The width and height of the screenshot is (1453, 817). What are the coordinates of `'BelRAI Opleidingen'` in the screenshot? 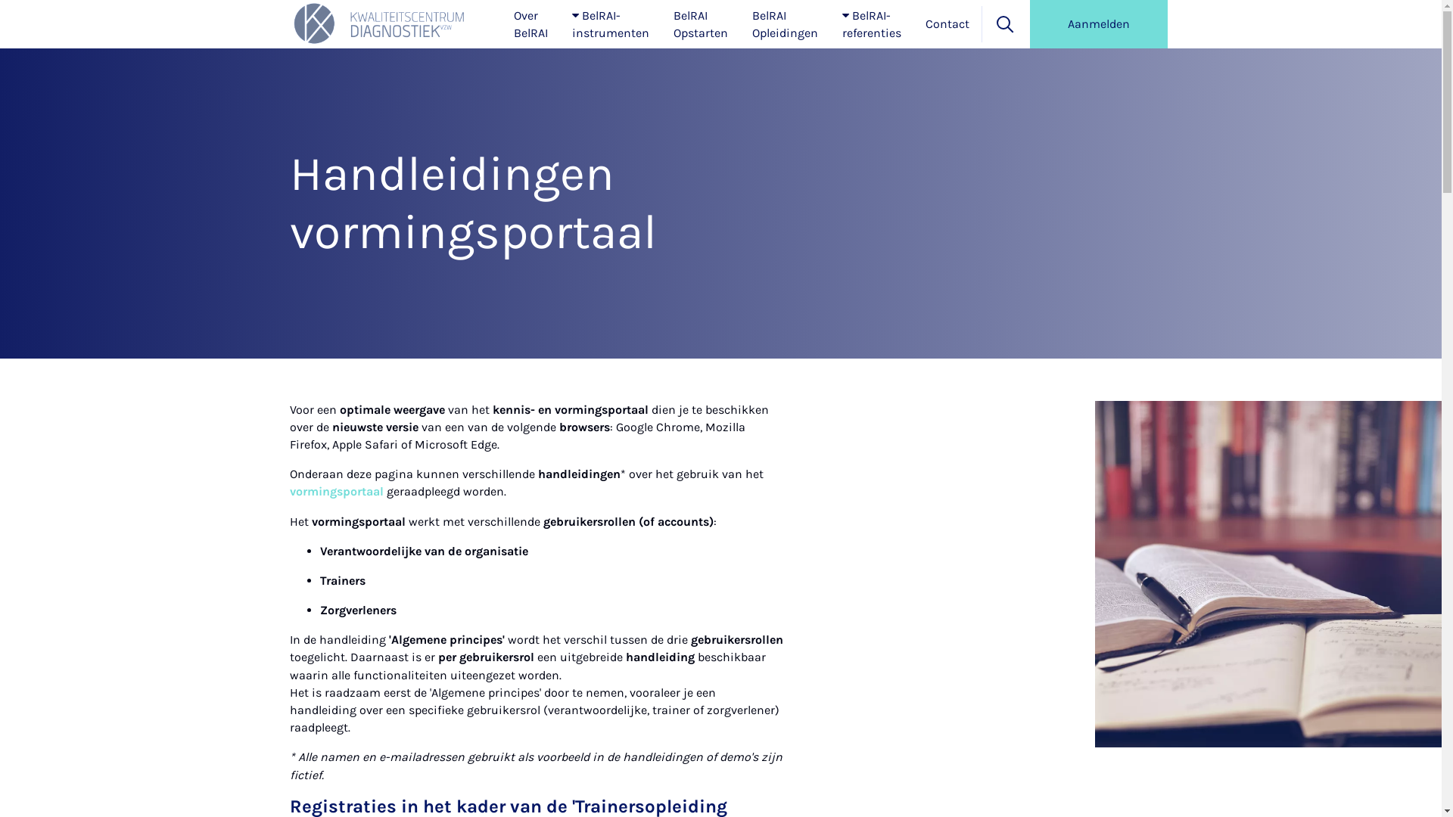 It's located at (785, 23).